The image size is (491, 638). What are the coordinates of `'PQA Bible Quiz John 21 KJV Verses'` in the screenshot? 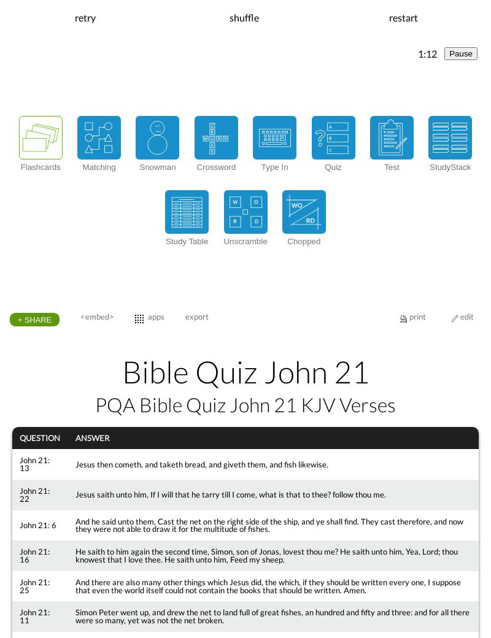 It's located at (245, 404).